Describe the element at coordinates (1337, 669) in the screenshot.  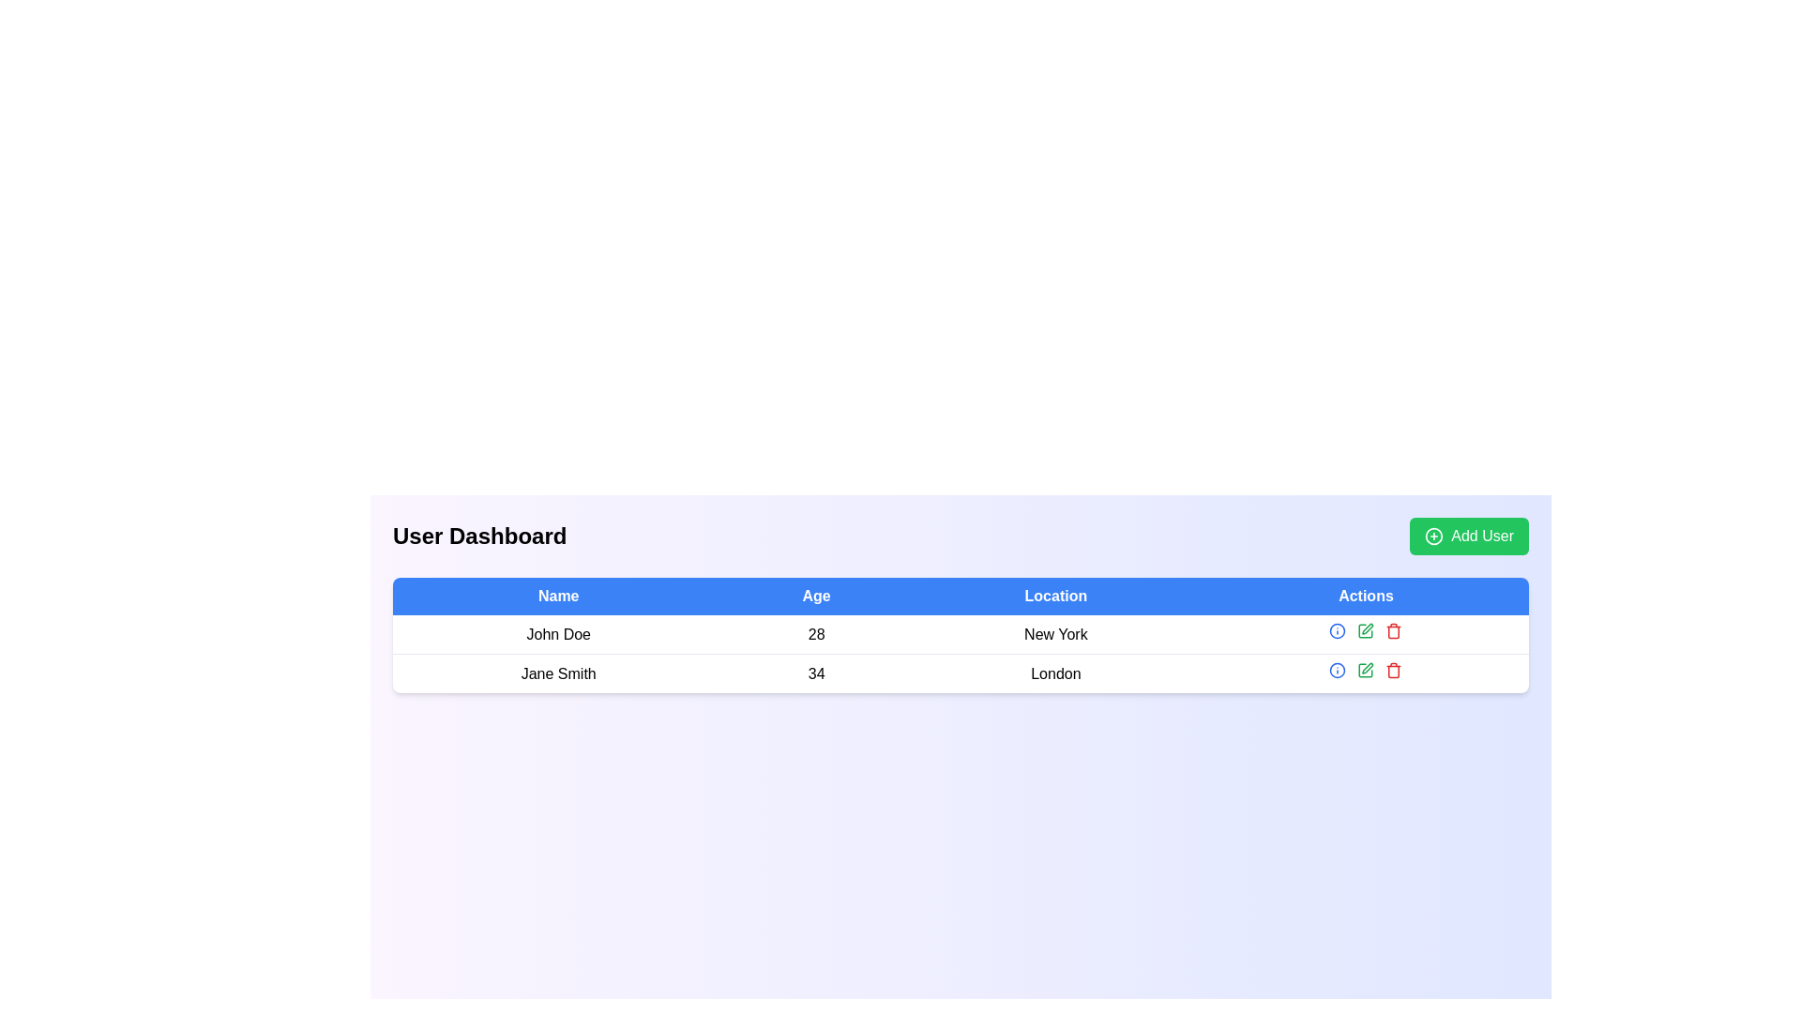
I see `the blue circular icon button representing information or help functionality located` at that location.